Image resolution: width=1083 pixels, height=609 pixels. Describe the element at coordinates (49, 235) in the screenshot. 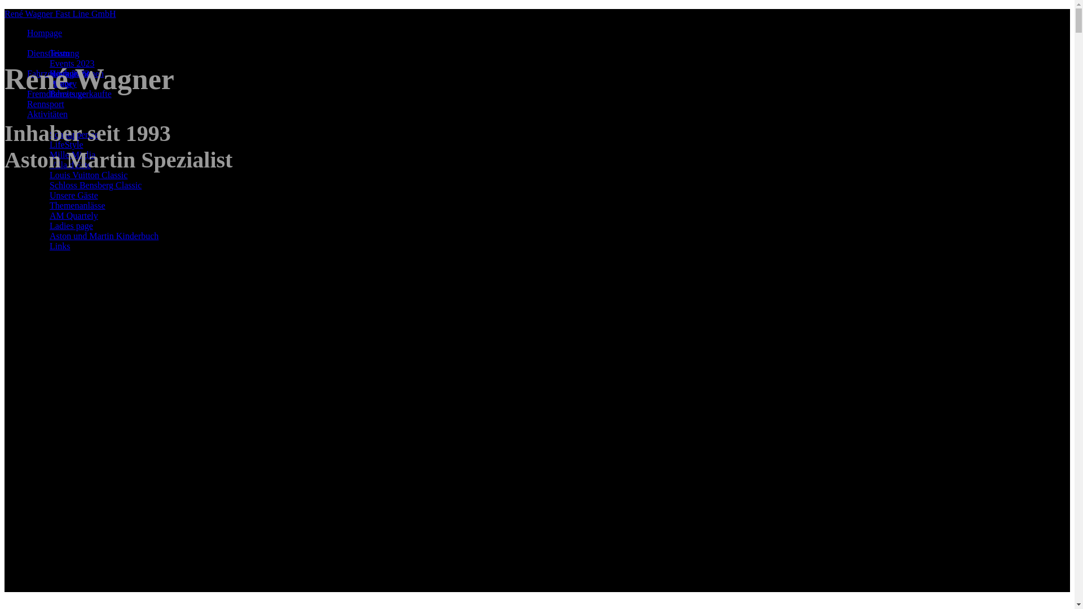

I see `'Aston und Martin Kinderbuch'` at that location.